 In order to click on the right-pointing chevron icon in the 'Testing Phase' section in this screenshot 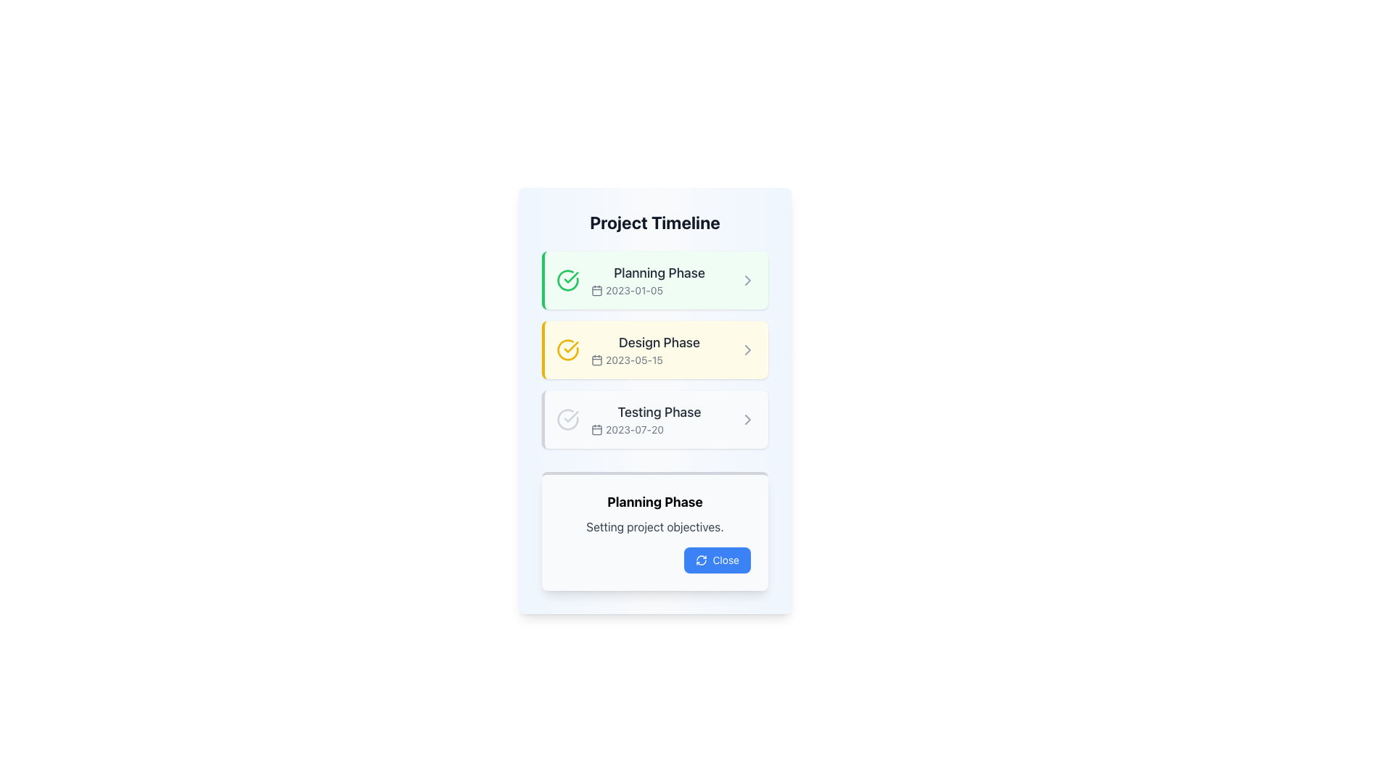, I will do `click(748, 419)`.